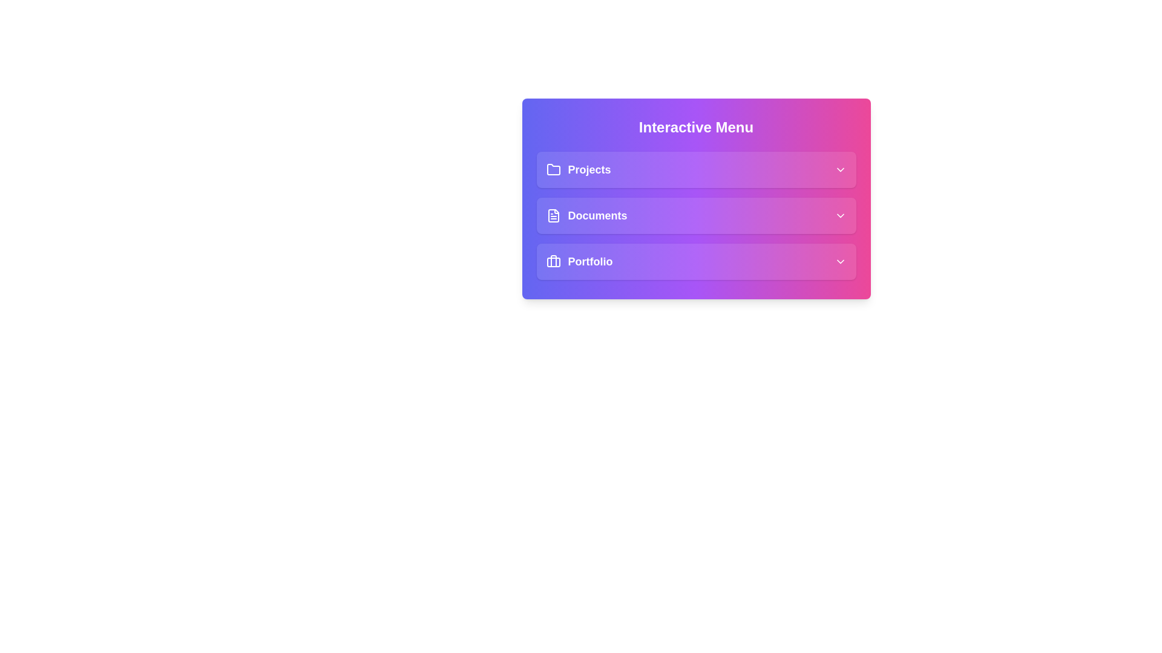 This screenshot has height=653, width=1162. Describe the element at coordinates (839, 261) in the screenshot. I see `the Dropdown indicator icon located on the far-right side of the 'Portfolio' row in the interactive menu` at that location.